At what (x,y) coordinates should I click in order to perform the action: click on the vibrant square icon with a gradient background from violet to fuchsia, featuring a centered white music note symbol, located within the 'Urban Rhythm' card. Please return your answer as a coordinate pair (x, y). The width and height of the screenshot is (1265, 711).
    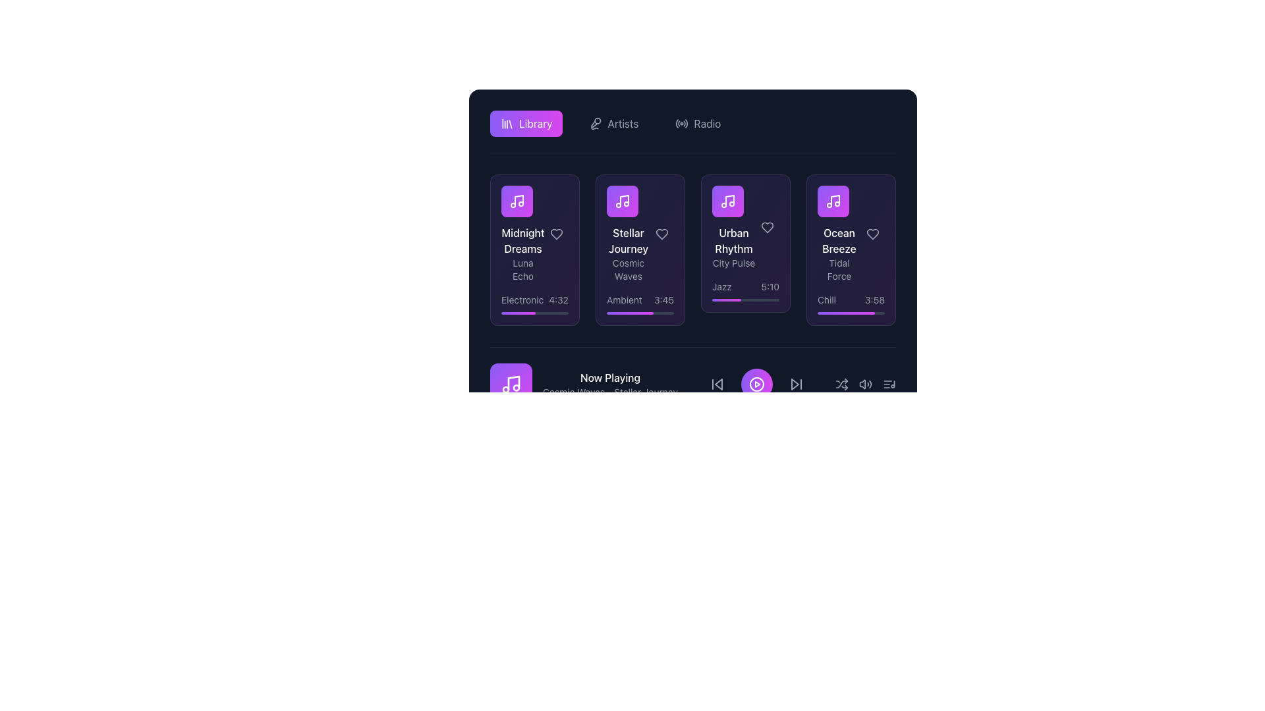
    Looking at the image, I should click on (727, 201).